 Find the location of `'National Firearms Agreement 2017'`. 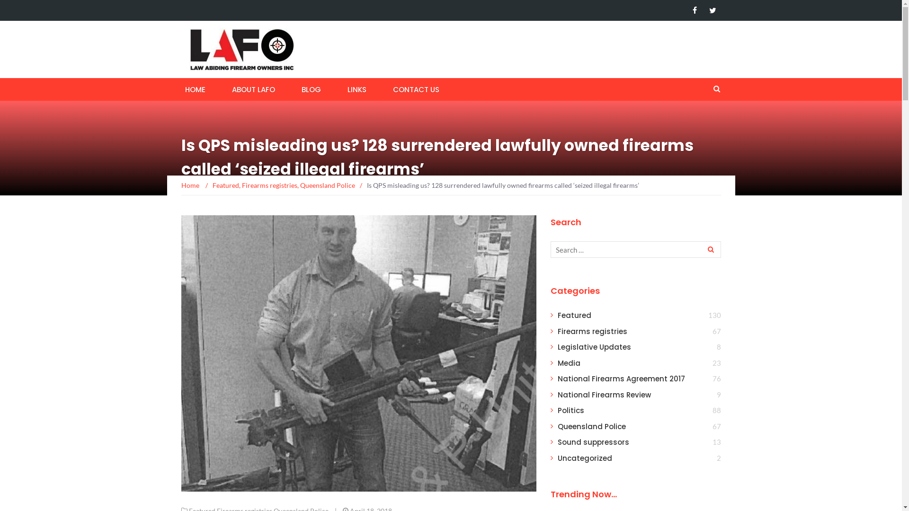

'National Firearms Agreement 2017' is located at coordinates (621, 378).